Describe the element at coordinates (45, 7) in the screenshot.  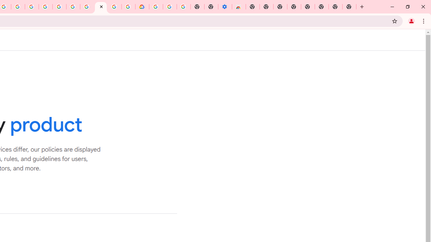
I see `'Ad Settings'` at that location.